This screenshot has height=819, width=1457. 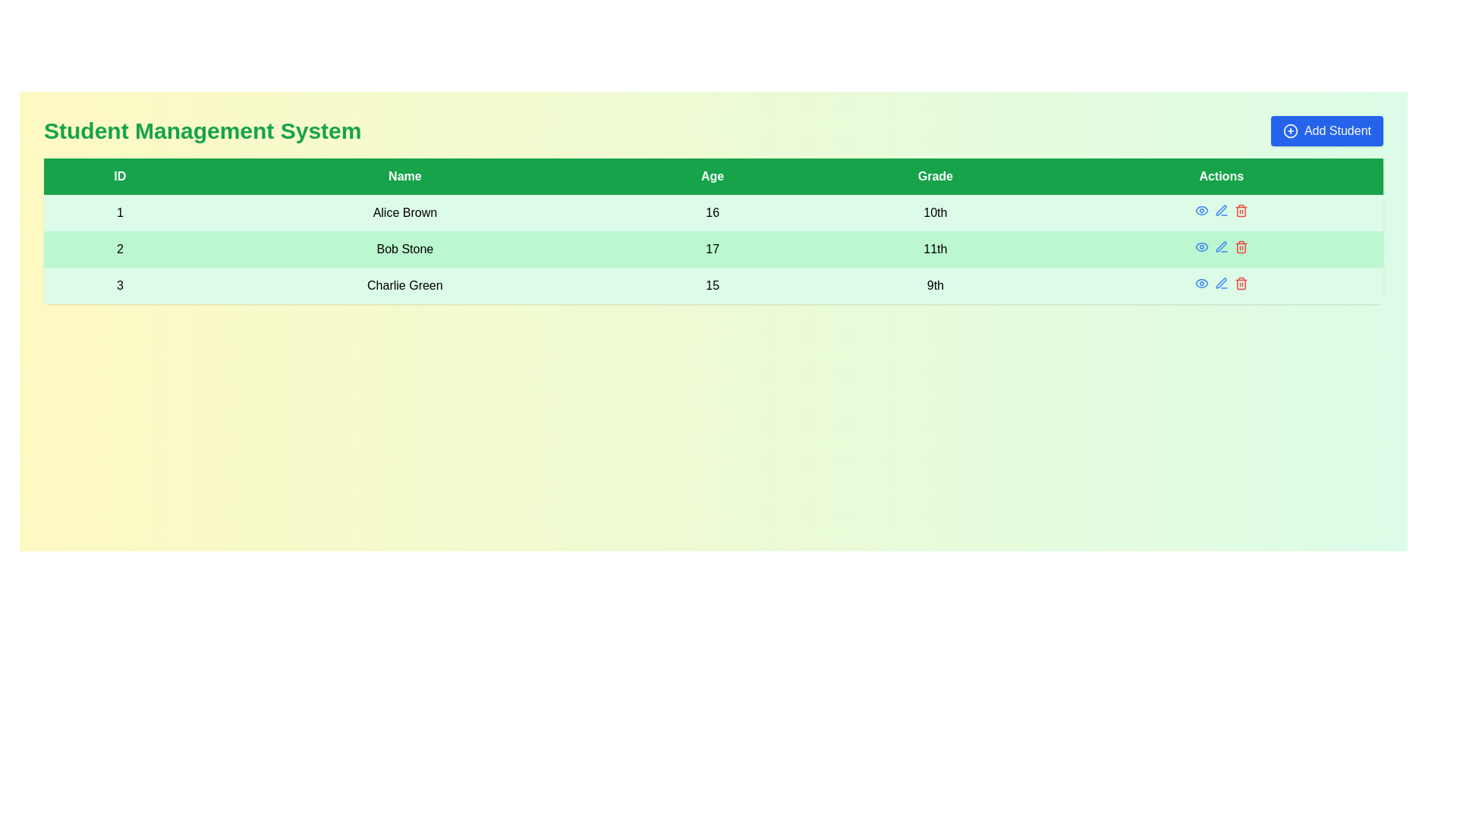 What do you see at coordinates (1241, 247) in the screenshot?
I see `the central part of the trash bin icon in the 'Actions' column corresponding to the second row for the entity 'Bob Stone'` at bounding box center [1241, 247].